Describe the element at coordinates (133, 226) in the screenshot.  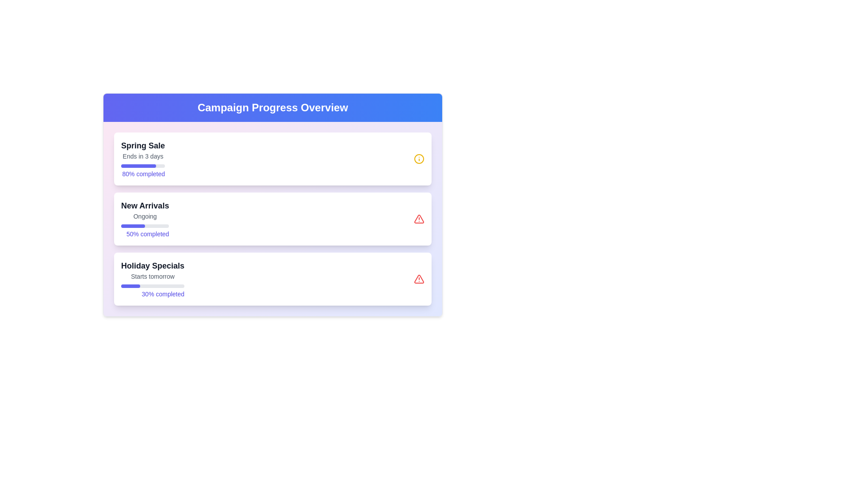
I see `the progress visually on the indigo progress bar segment that is filled to approximately 50% within the secondary progress bar of the 'New Arrivals' section, which is the second card in the middle of the campaign list` at that location.